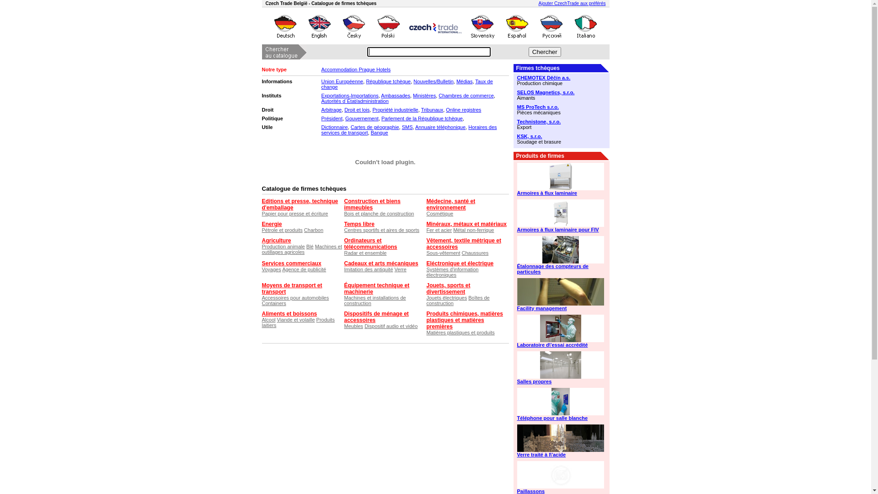 The image size is (878, 494). I want to click on 'Editions et presse, technique d'emballage', so click(300, 204).